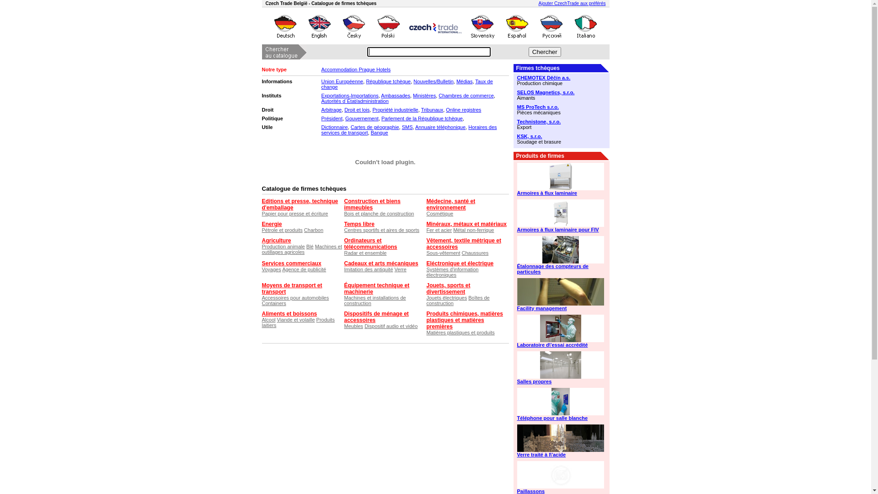 The image size is (878, 494). I want to click on 'Editions et presse, technique d'emballage', so click(300, 204).